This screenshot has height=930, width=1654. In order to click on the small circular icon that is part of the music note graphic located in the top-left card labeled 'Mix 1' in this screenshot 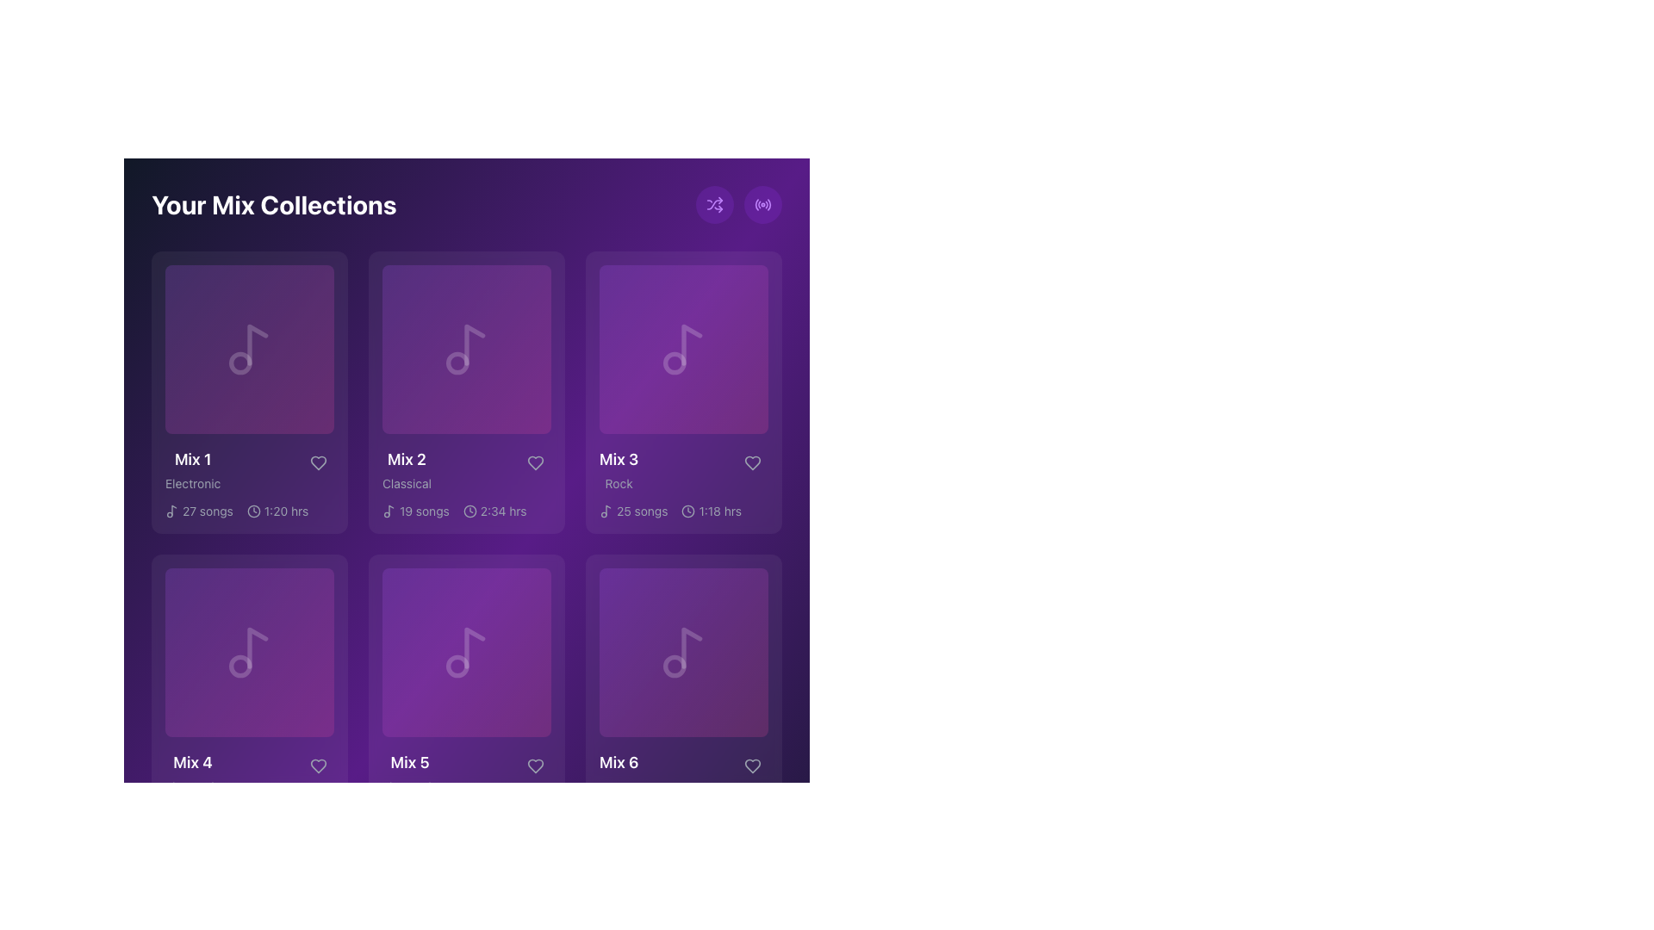, I will do `click(239, 362)`.